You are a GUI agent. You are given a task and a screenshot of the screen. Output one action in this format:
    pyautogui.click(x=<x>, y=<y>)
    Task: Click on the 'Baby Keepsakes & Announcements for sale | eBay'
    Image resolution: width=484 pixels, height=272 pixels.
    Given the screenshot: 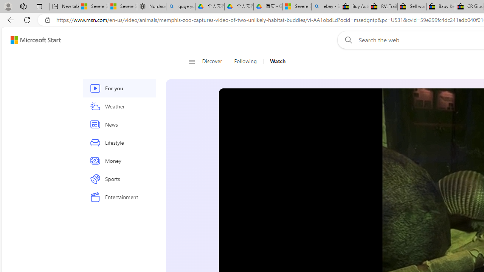 What is the action you would take?
    pyautogui.click(x=441, y=6)
    